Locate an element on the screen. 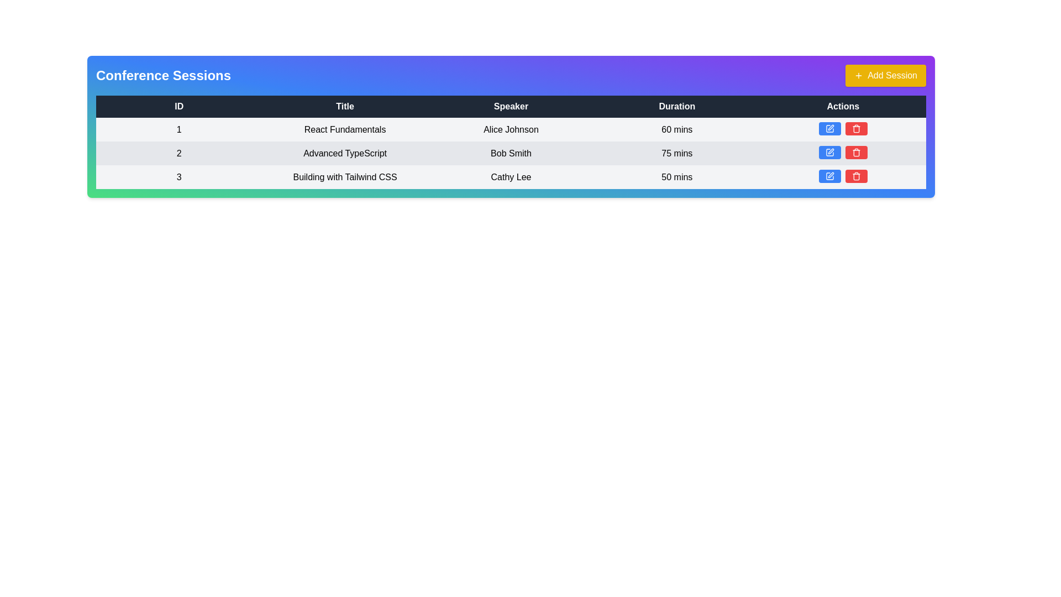 Image resolution: width=1061 pixels, height=597 pixels. the 'edit' button located in the 'Actions' column of the first row in the table, which is to the left of a red trash icon button is located at coordinates (829, 128).